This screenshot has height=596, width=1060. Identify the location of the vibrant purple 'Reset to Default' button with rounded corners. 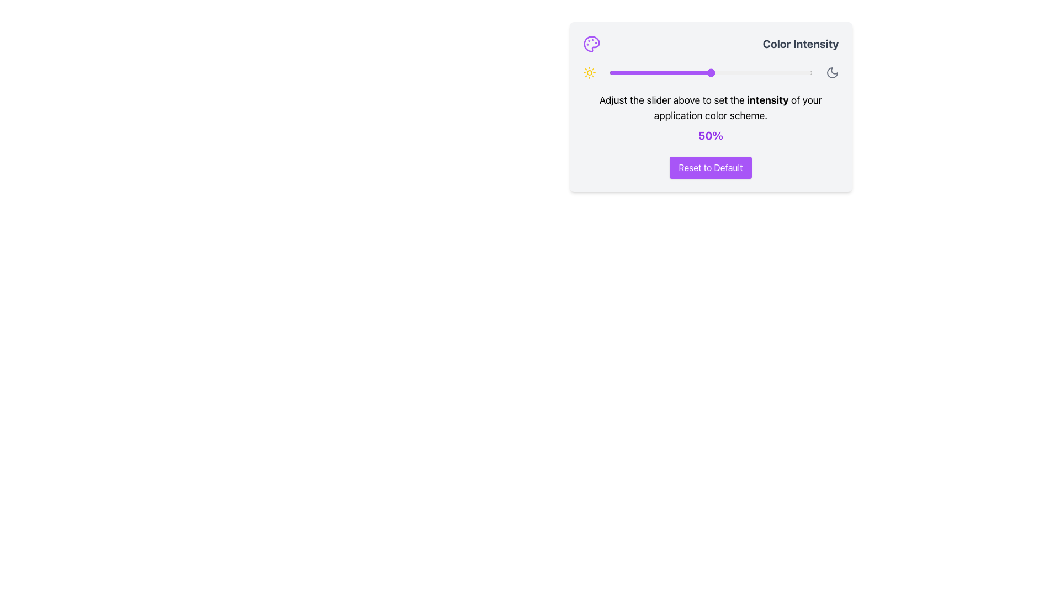
(711, 168).